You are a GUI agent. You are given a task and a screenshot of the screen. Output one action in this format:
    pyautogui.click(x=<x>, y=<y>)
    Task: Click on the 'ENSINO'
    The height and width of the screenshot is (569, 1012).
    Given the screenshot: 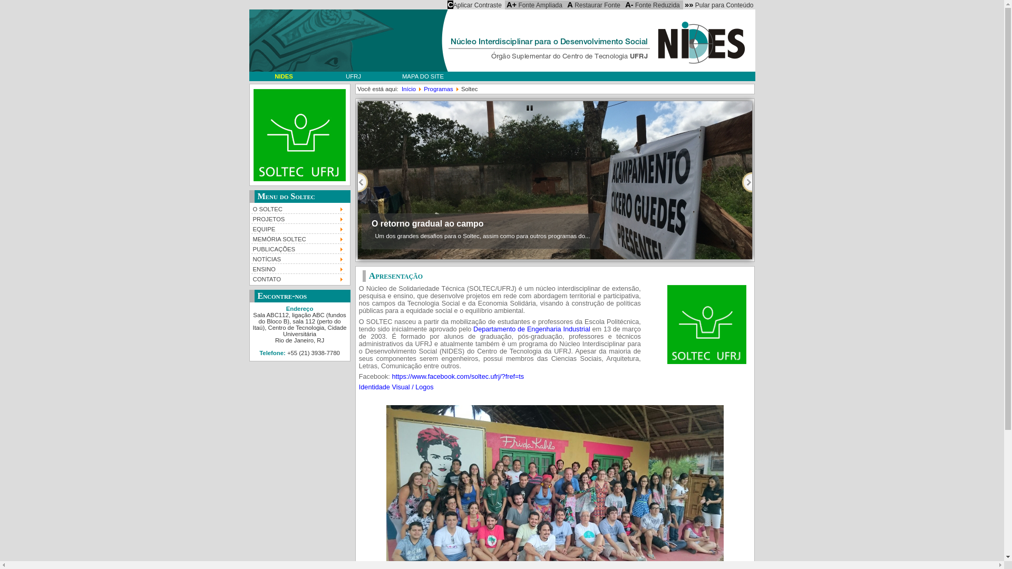 What is the action you would take?
    pyautogui.click(x=297, y=268)
    